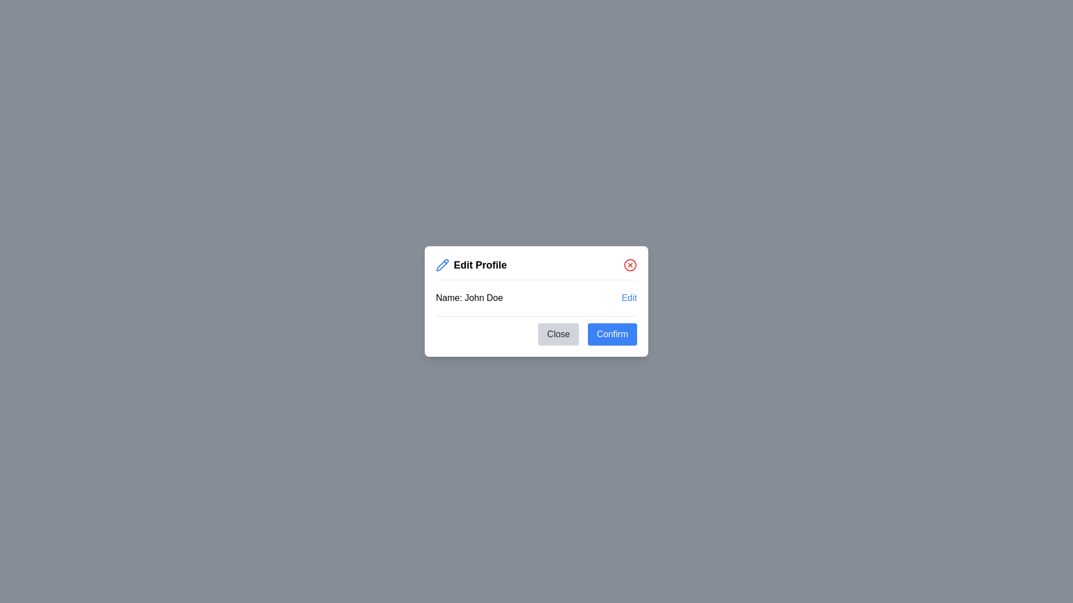 Image resolution: width=1073 pixels, height=603 pixels. What do you see at coordinates (442, 265) in the screenshot?
I see `the edit icon located to the left of the 'Edit Profile' title text in the modal header` at bounding box center [442, 265].